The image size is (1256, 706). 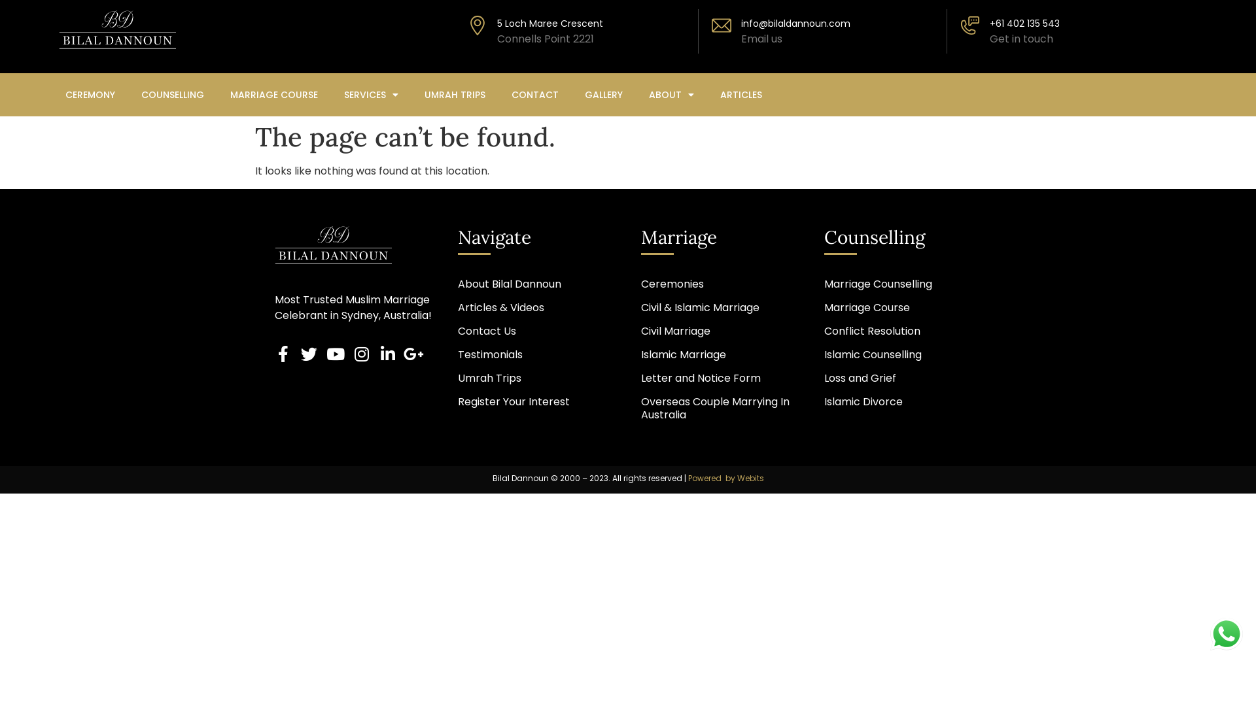 What do you see at coordinates (902, 330) in the screenshot?
I see `'Conflict Resolution'` at bounding box center [902, 330].